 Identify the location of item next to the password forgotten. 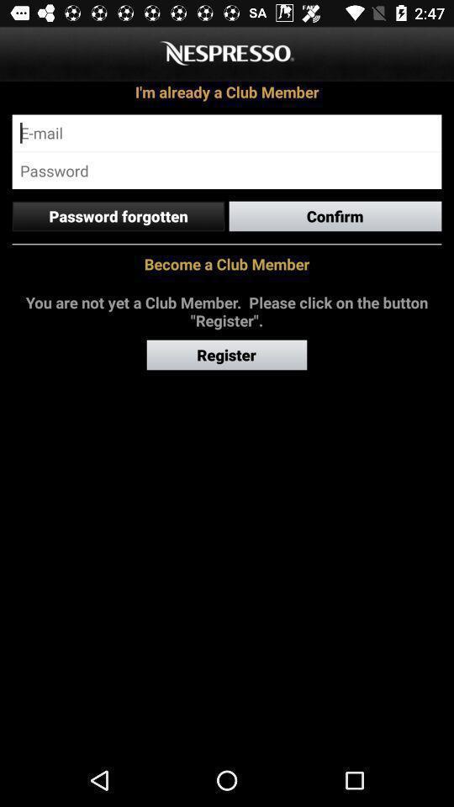
(335, 215).